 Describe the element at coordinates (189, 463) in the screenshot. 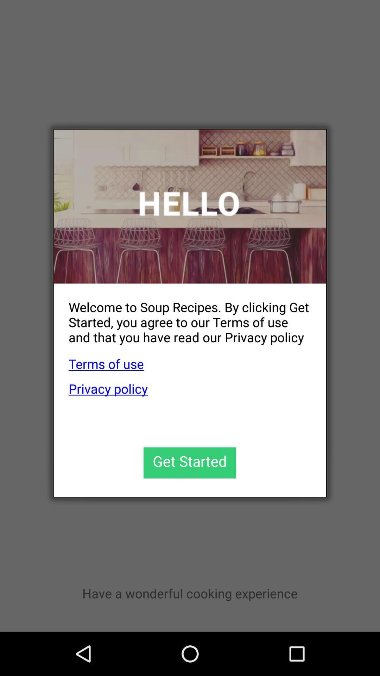

I see `icon below the privacy policy item` at that location.